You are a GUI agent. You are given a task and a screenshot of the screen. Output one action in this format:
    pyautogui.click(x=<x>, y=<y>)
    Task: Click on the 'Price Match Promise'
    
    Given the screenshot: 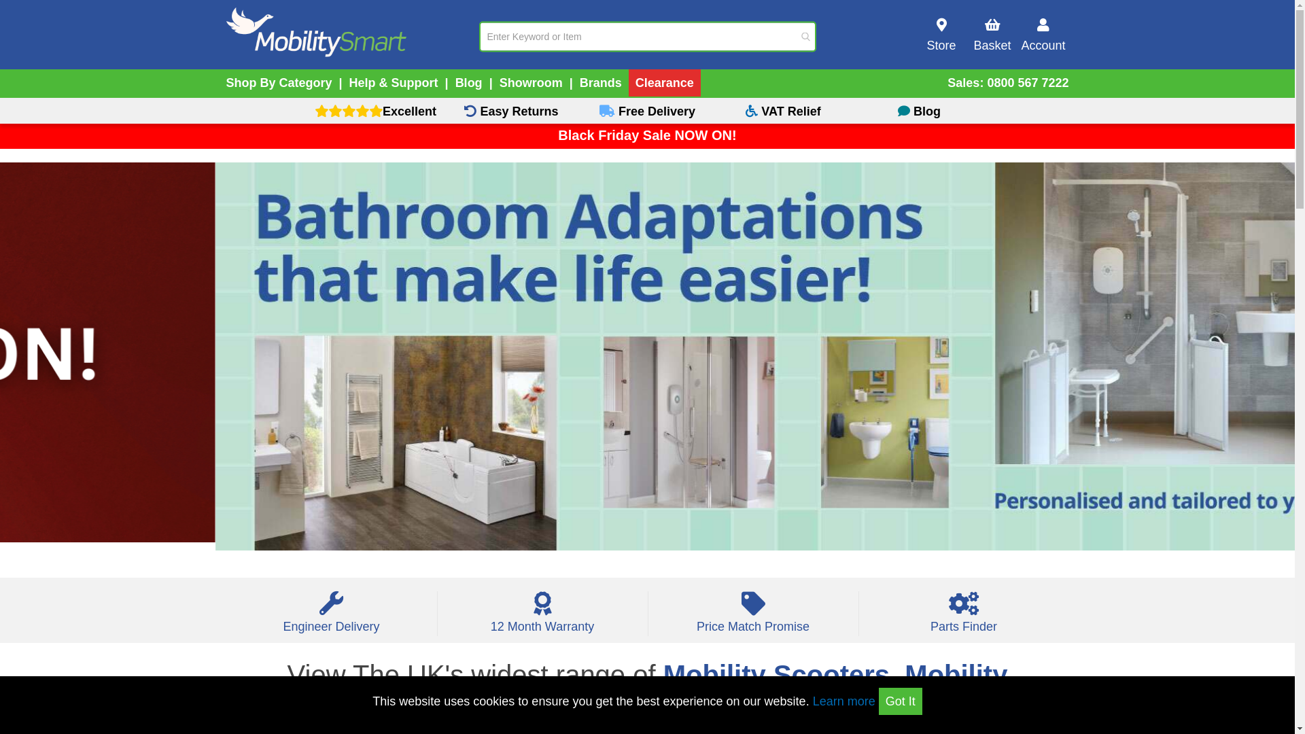 What is the action you would take?
    pyautogui.click(x=752, y=618)
    